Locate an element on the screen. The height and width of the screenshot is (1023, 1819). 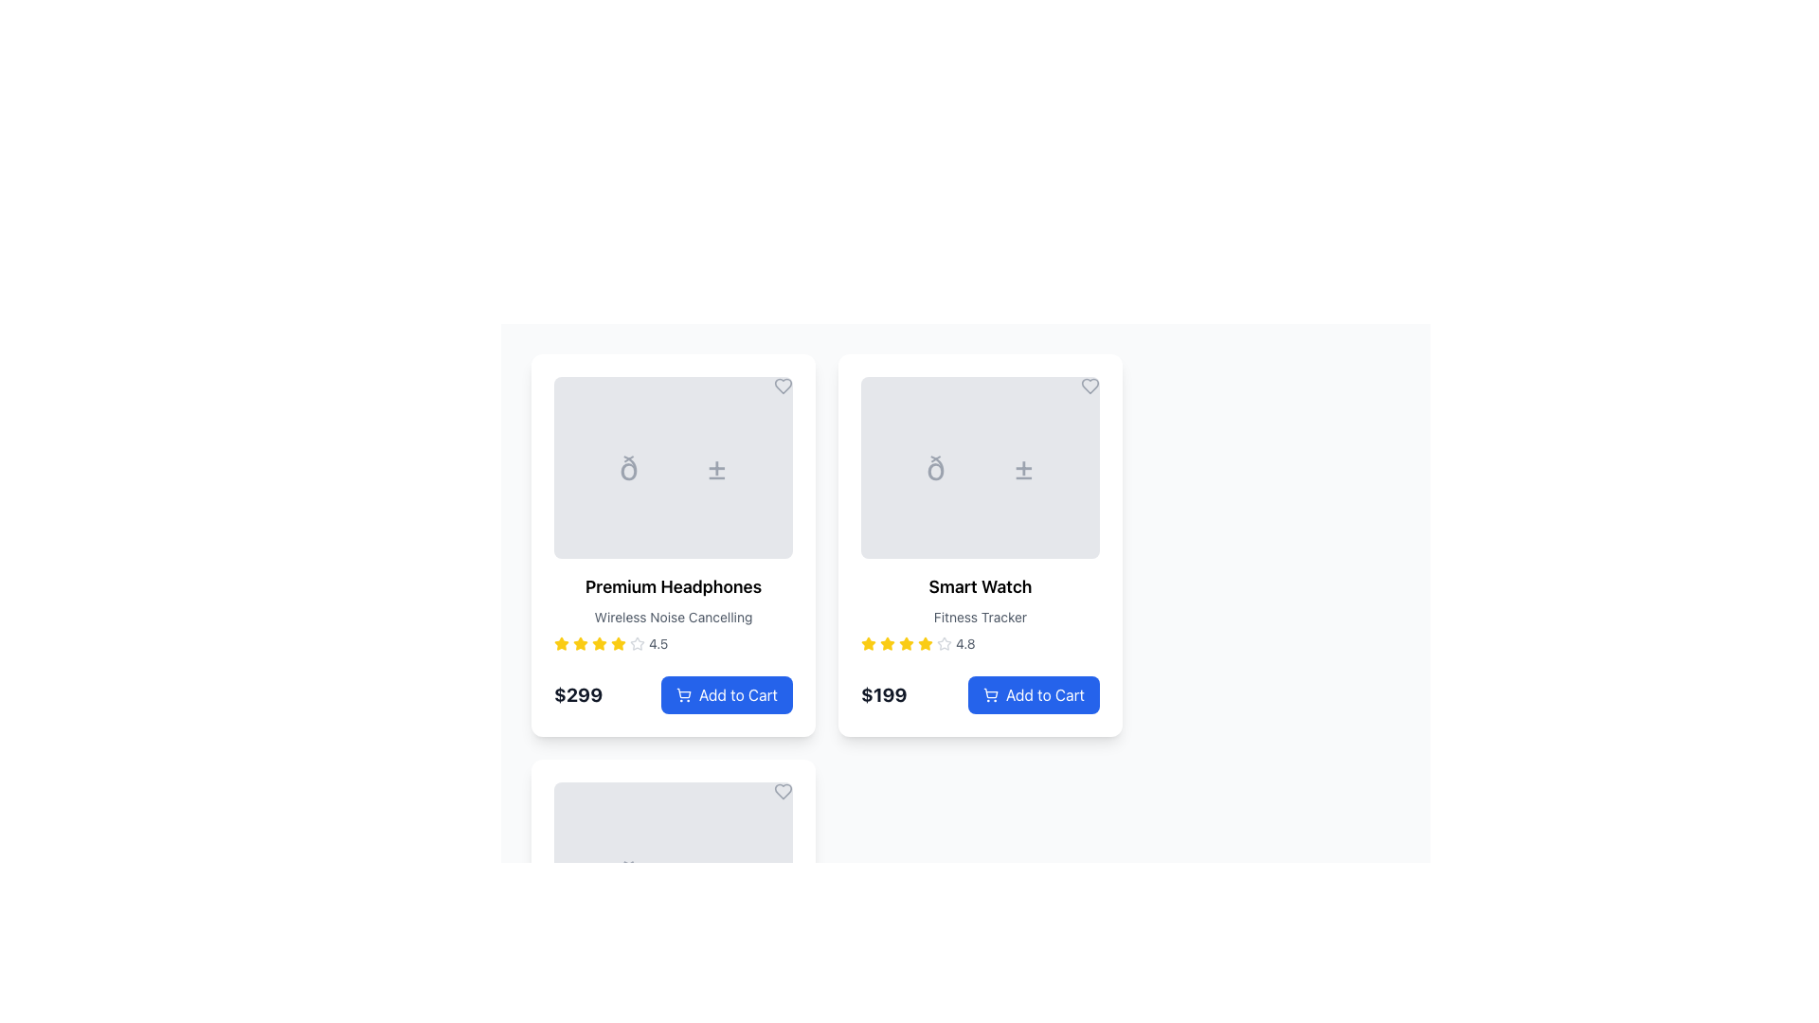
the heart icon in the top-right corner of the bottom-left card to mark the associated item as a favorite is located at coordinates (783, 792).